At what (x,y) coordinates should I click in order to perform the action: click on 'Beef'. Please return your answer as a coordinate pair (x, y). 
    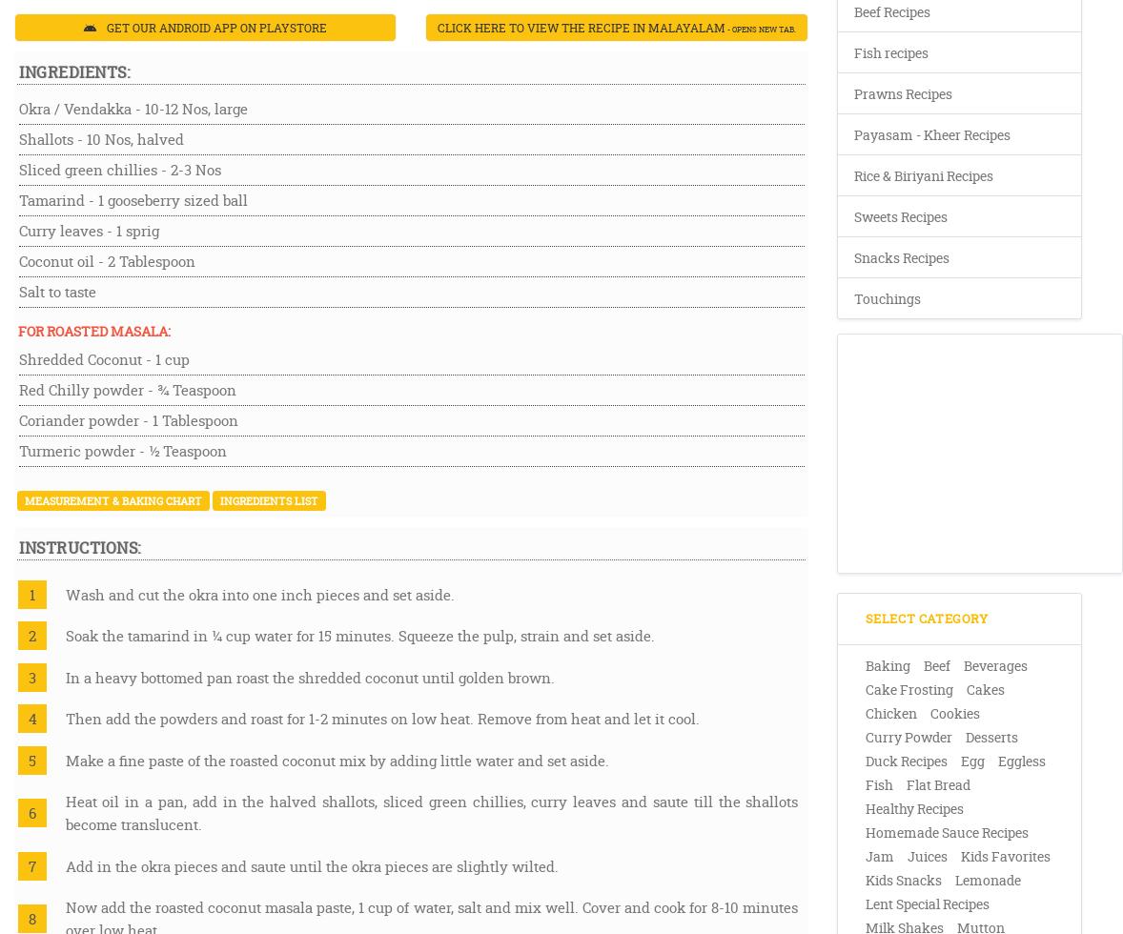
    Looking at the image, I should click on (935, 665).